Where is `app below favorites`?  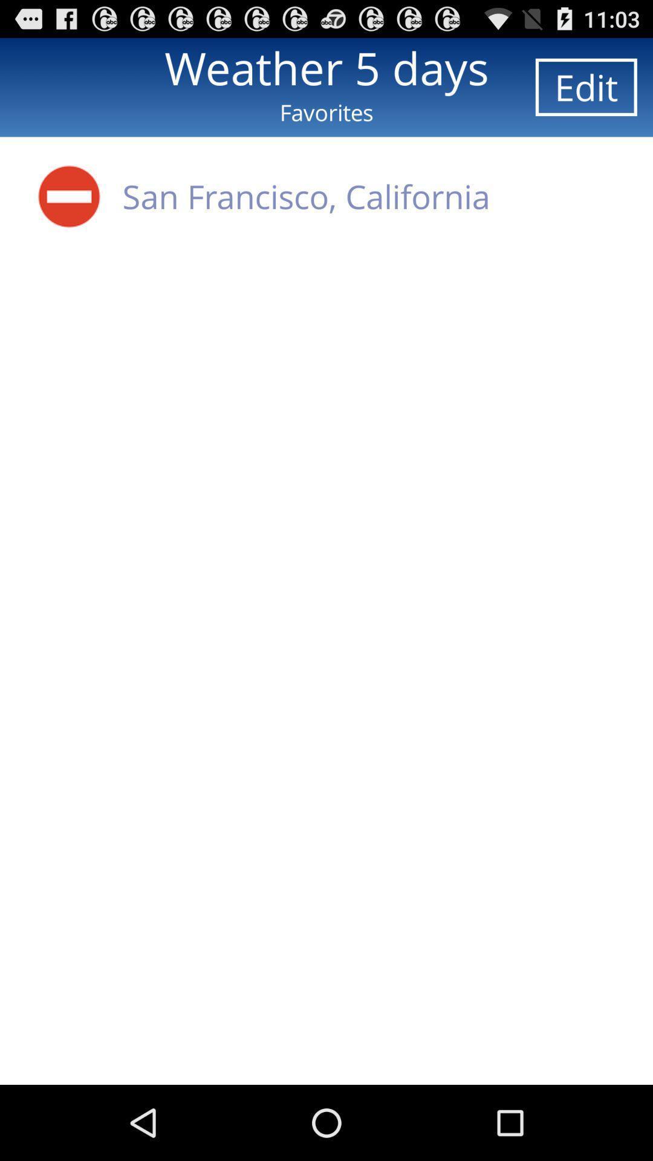 app below favorites is located at coordinates (69, 196).